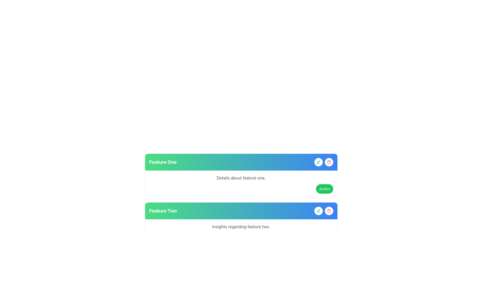 This screenshot has width=503, height=283. I want to click on the edit button on the dual-action toolbar located at the top right corner of the 'Feature Two' section to initiate editing, so click(323, 211).